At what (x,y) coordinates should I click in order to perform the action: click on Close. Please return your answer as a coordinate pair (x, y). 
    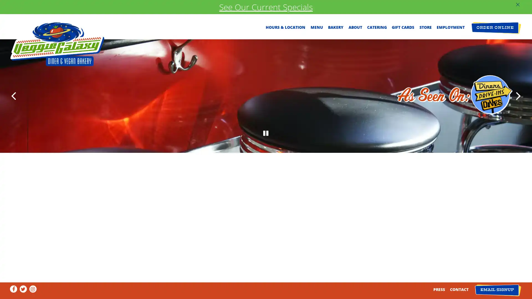
    Looking at the image, I should click on (346, 78).